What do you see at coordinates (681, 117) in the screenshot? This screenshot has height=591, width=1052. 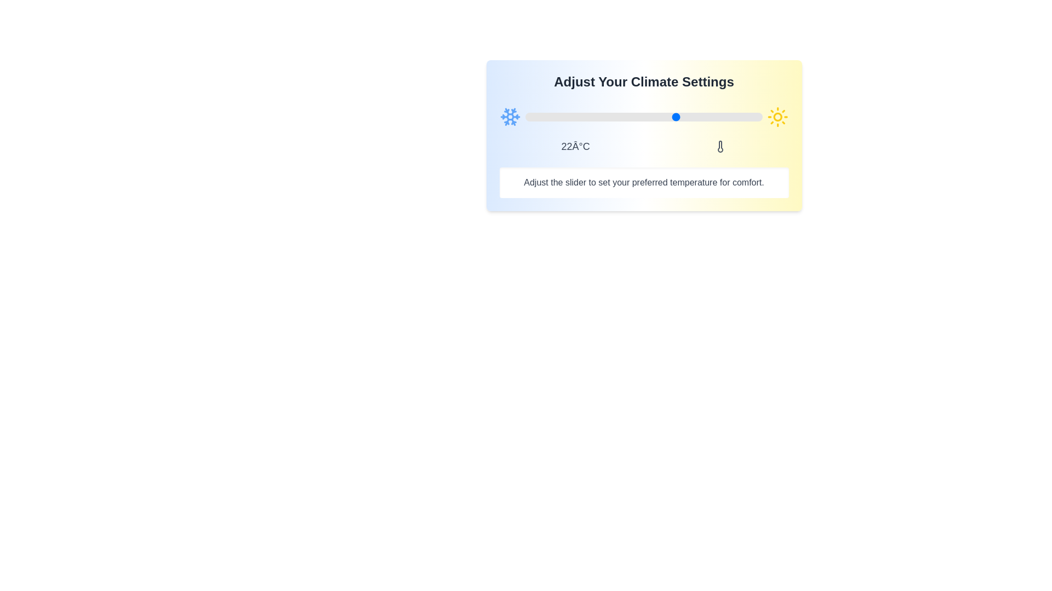 I see `the slider to set the temperature to 23°C` at bounding box center [681, 117].